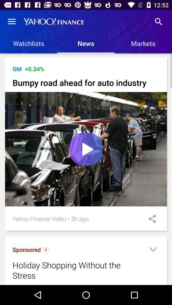 Image resolution: width=172 pixels, height=305 pixels. What do you see at coordinates (11, 22) in the screenshot?
I see `the item above watchlists icon` at bounding box center [11, 22].